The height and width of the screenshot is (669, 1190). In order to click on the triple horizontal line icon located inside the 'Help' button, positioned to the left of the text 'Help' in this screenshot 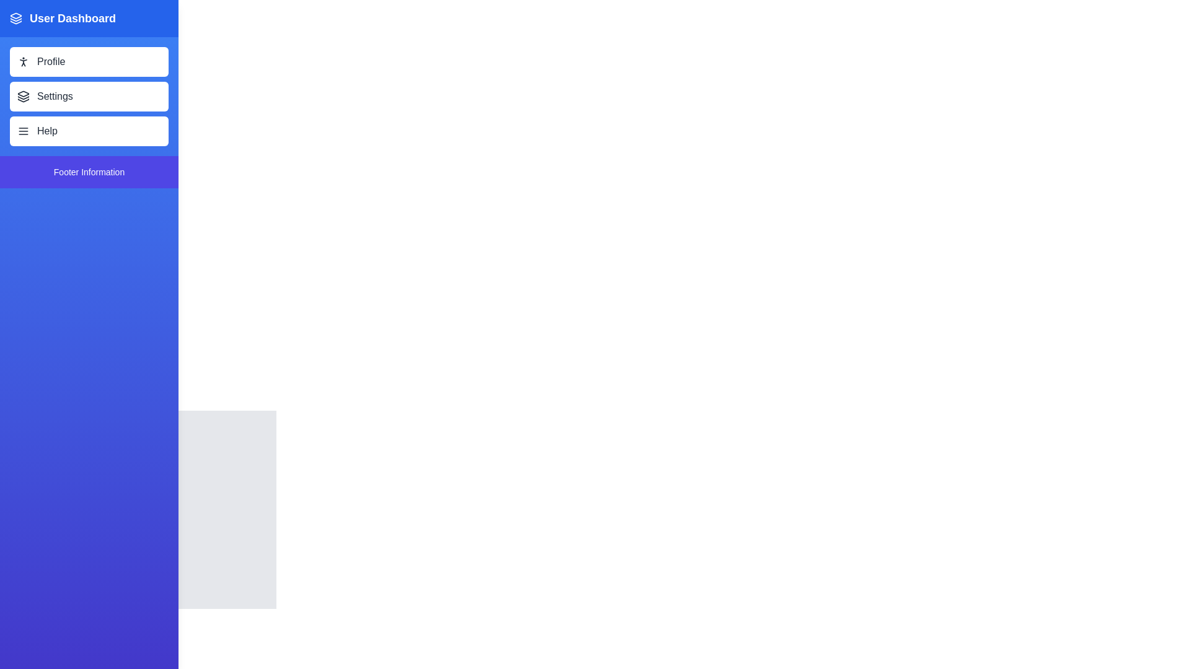, I will do `click(24, 131)`.